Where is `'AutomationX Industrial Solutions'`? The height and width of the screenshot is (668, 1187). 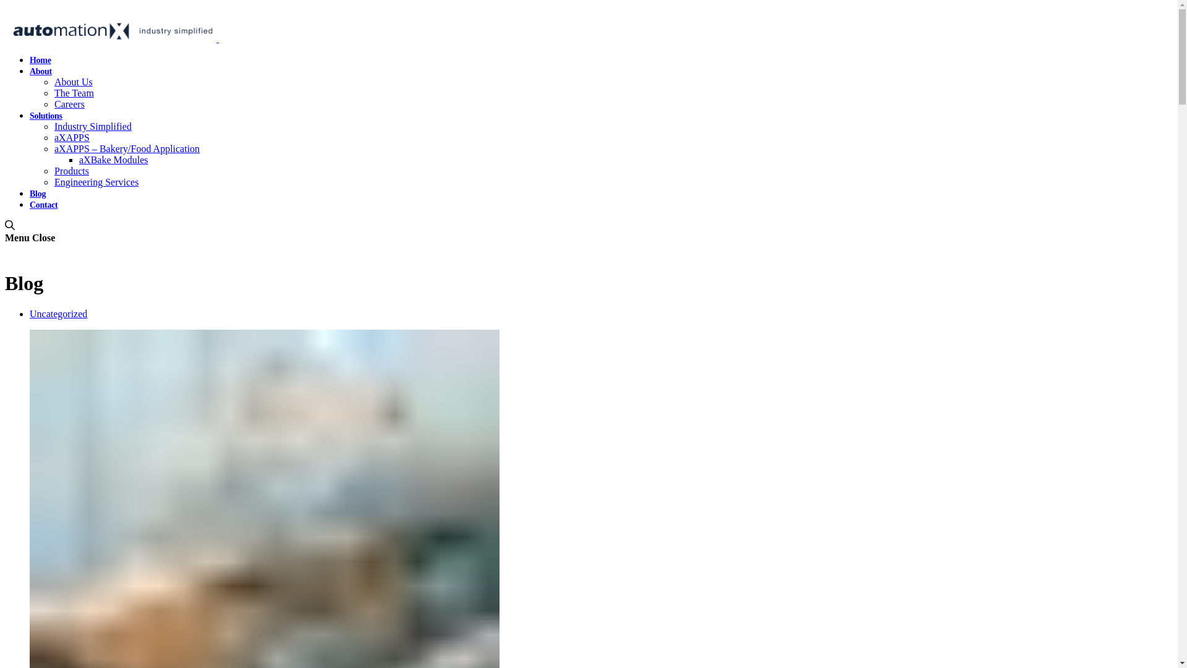
'AutomationX Industrial Solutions' is located at coordinates (217, 38).